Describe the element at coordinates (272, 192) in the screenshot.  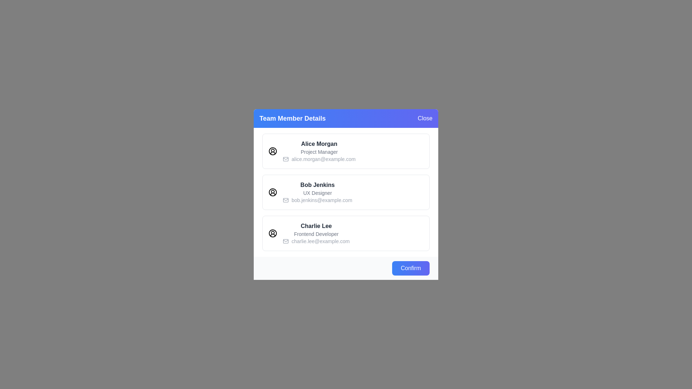
I see `the visual representation of the outermost circular part in the user icon located in the second row of the member details panel` at that location.